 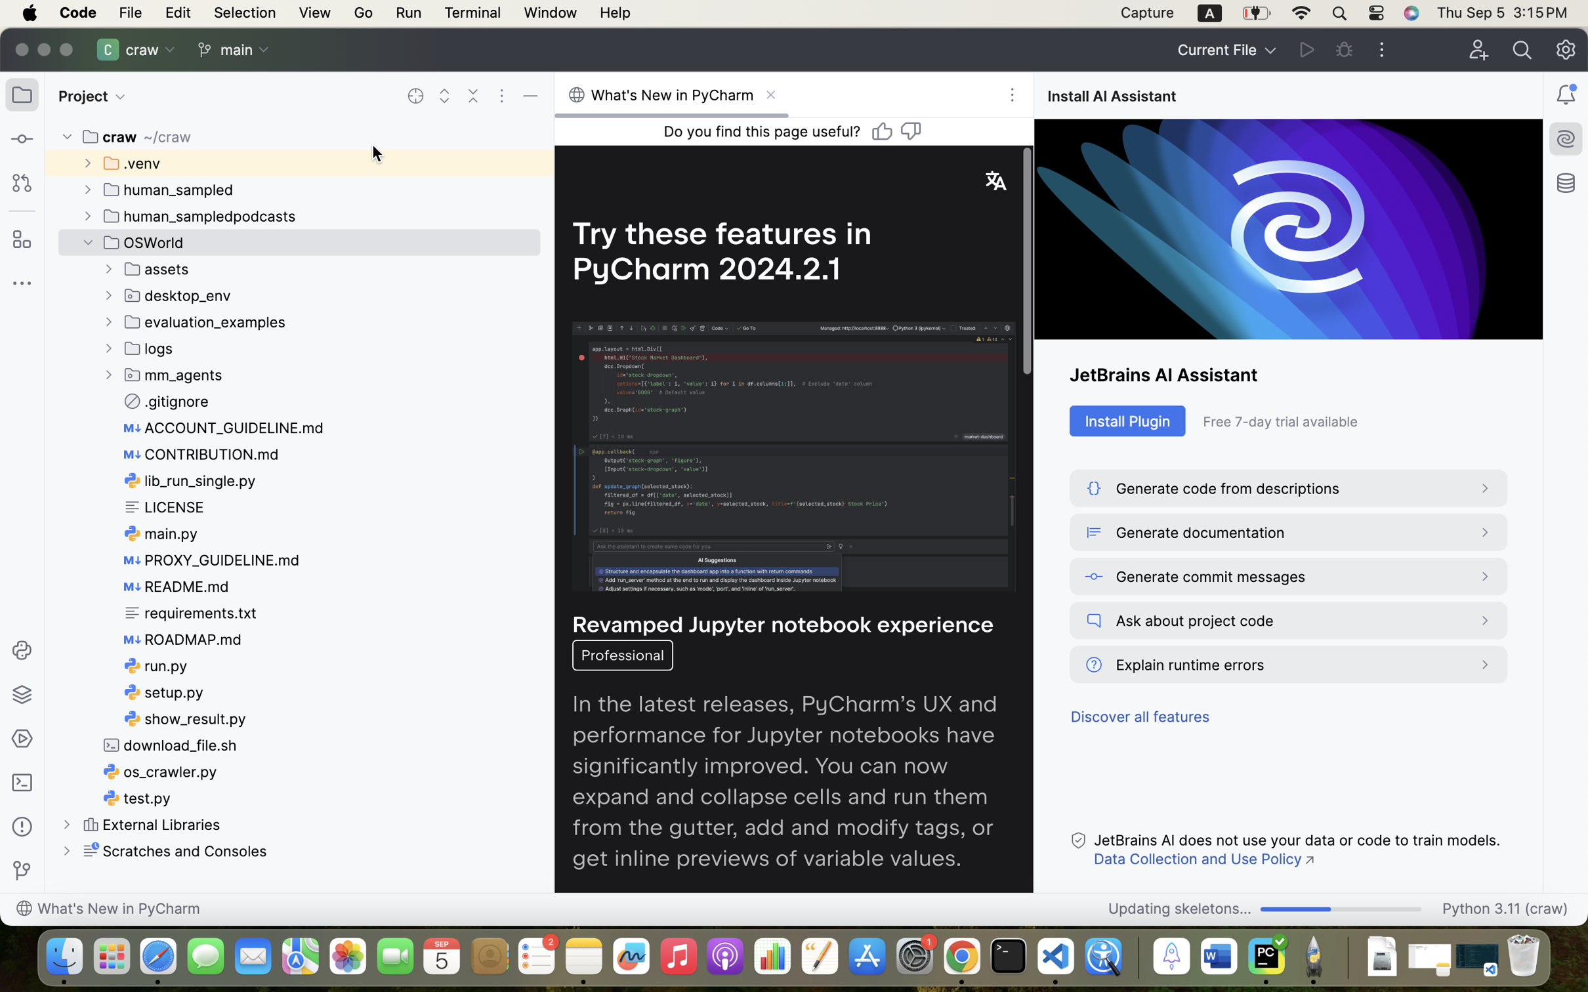 What do you see at coordinates (213, 559) in the screenshot?
I see `'PROXY_GUIDELINE.md'` at bounding box center [213, 559].